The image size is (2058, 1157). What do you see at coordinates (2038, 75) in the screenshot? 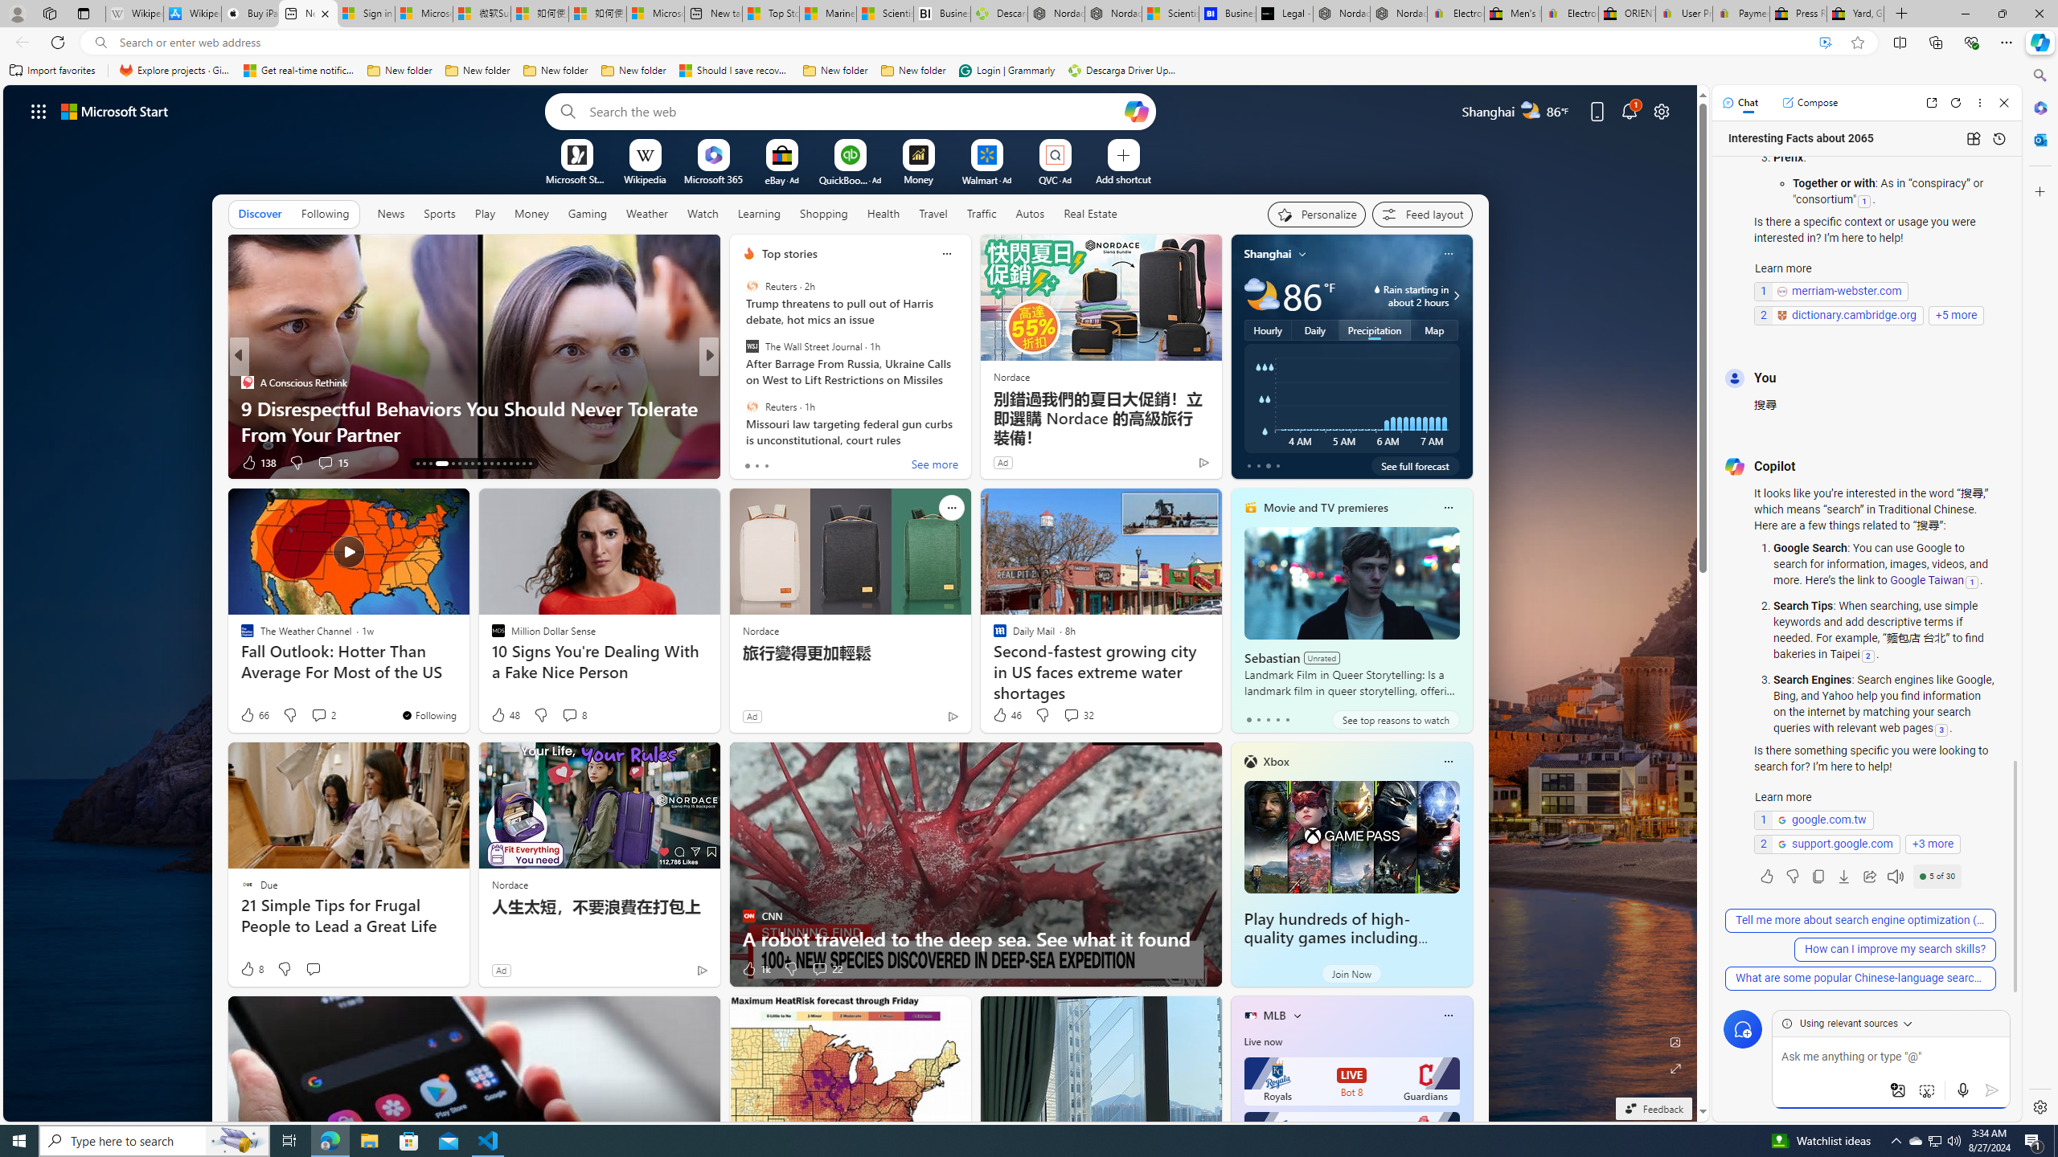
I see `'Minimize Search pane'` at bounding box center [2038, 75].